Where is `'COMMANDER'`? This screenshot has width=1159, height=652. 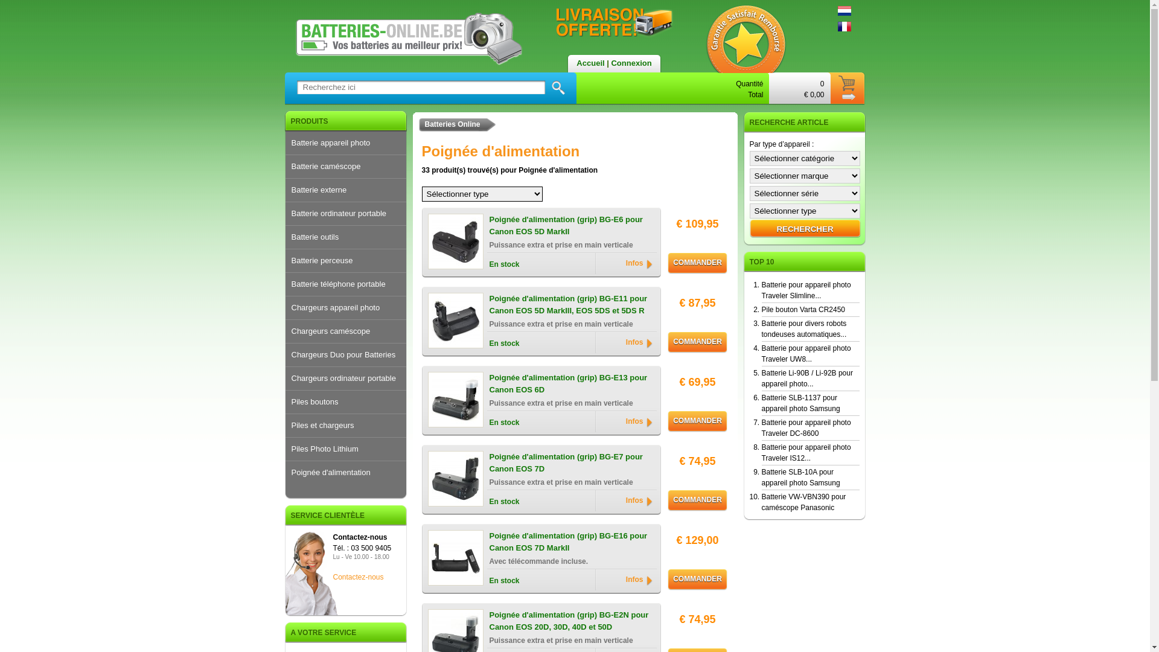 'COMMANDER' is located at coordinates (697, 263).